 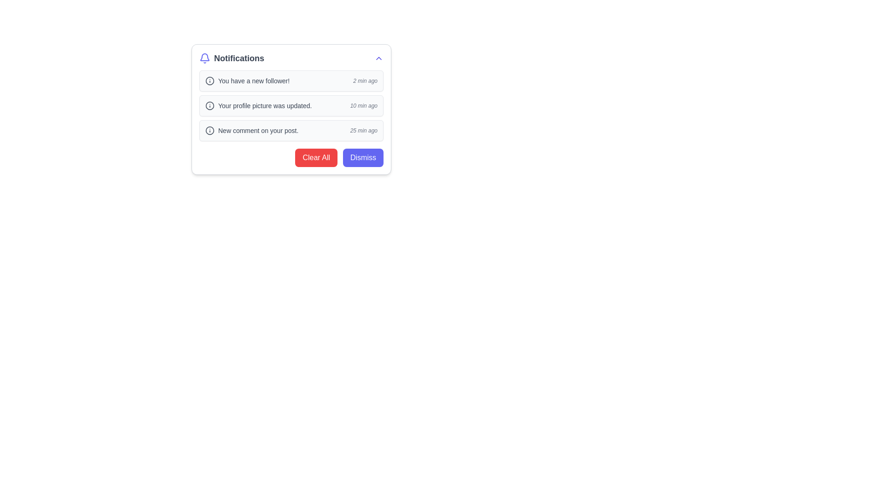 What do you see at coordinates (291, 154) in the screenshot?
I see `the 'Clear All' button with a vivid red background, located at the bottom of the notification card` at bounding box center [291, 154].